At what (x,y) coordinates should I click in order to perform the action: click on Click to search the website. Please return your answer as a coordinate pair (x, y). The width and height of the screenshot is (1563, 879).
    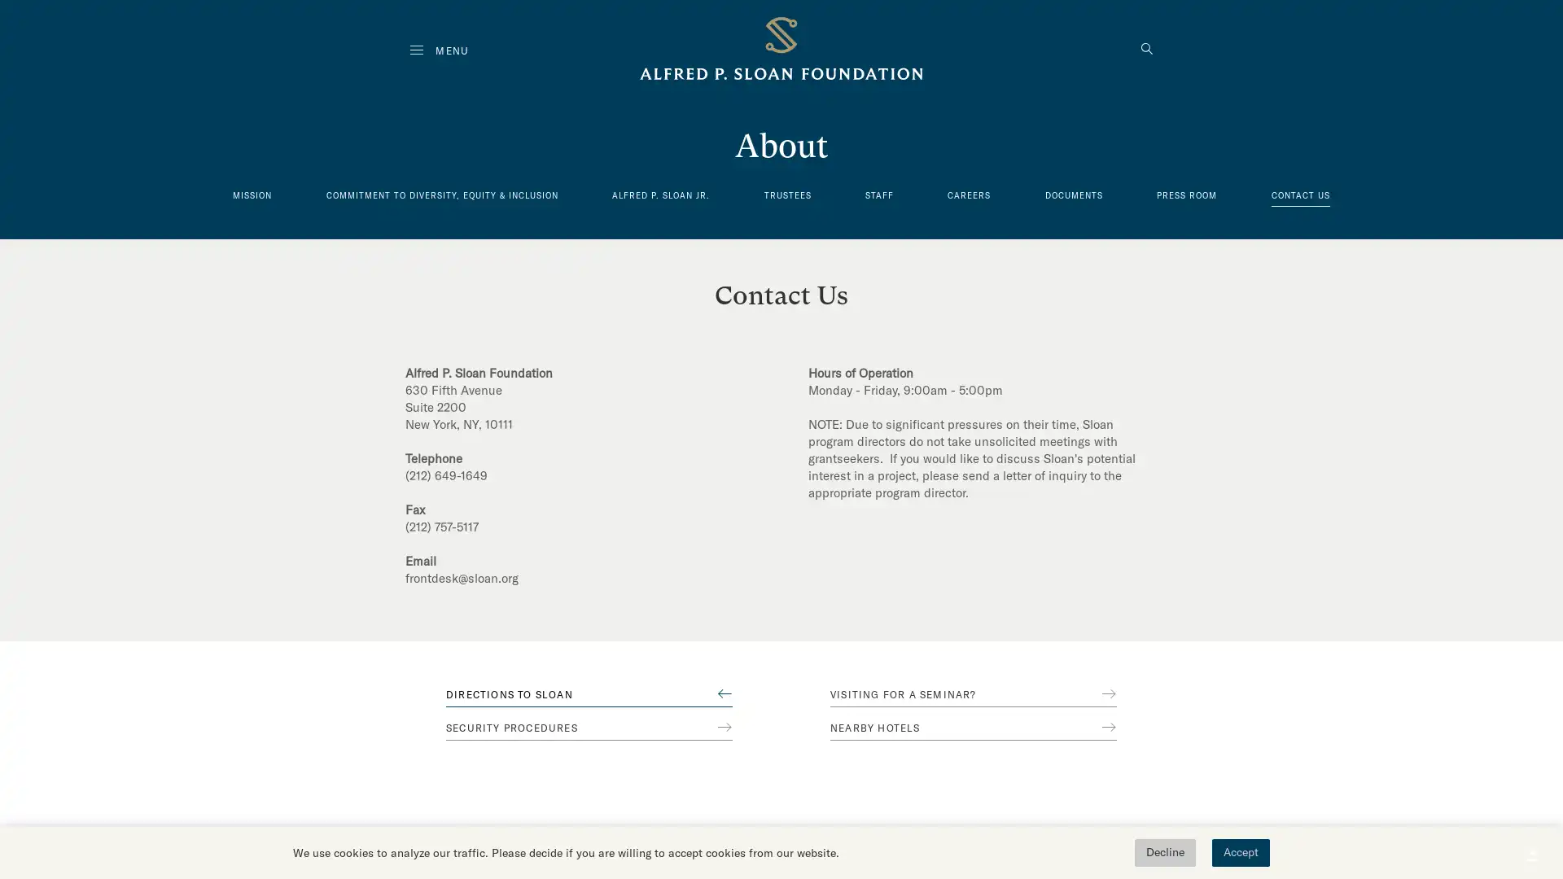
    Looking at the image, I should click on (1146, 50).